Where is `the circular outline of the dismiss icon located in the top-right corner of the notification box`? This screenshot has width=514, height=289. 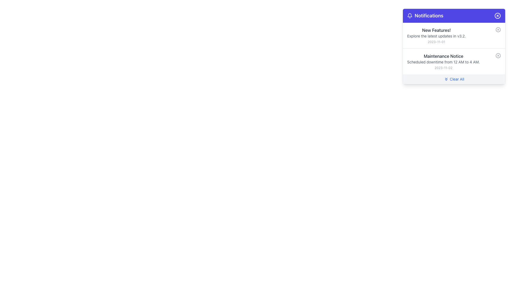 the circular outline of the dismiss icon located in the top-right corner of the notification box is located at coordinates (497, 15).